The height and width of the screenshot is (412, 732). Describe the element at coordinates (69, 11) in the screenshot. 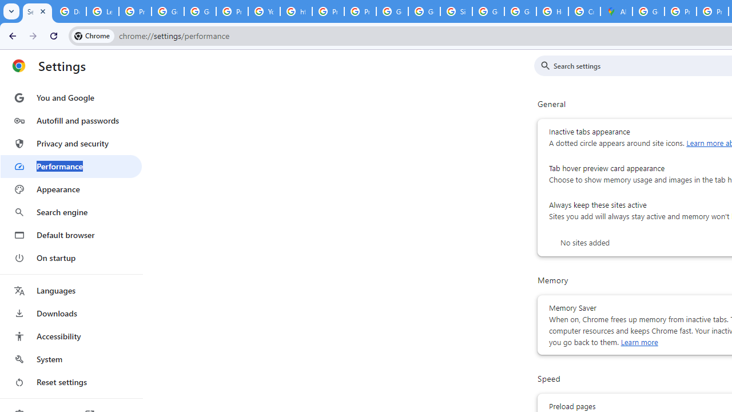

I see `'Delete photos & videos - Computer - Google Photos Help'` at that location.